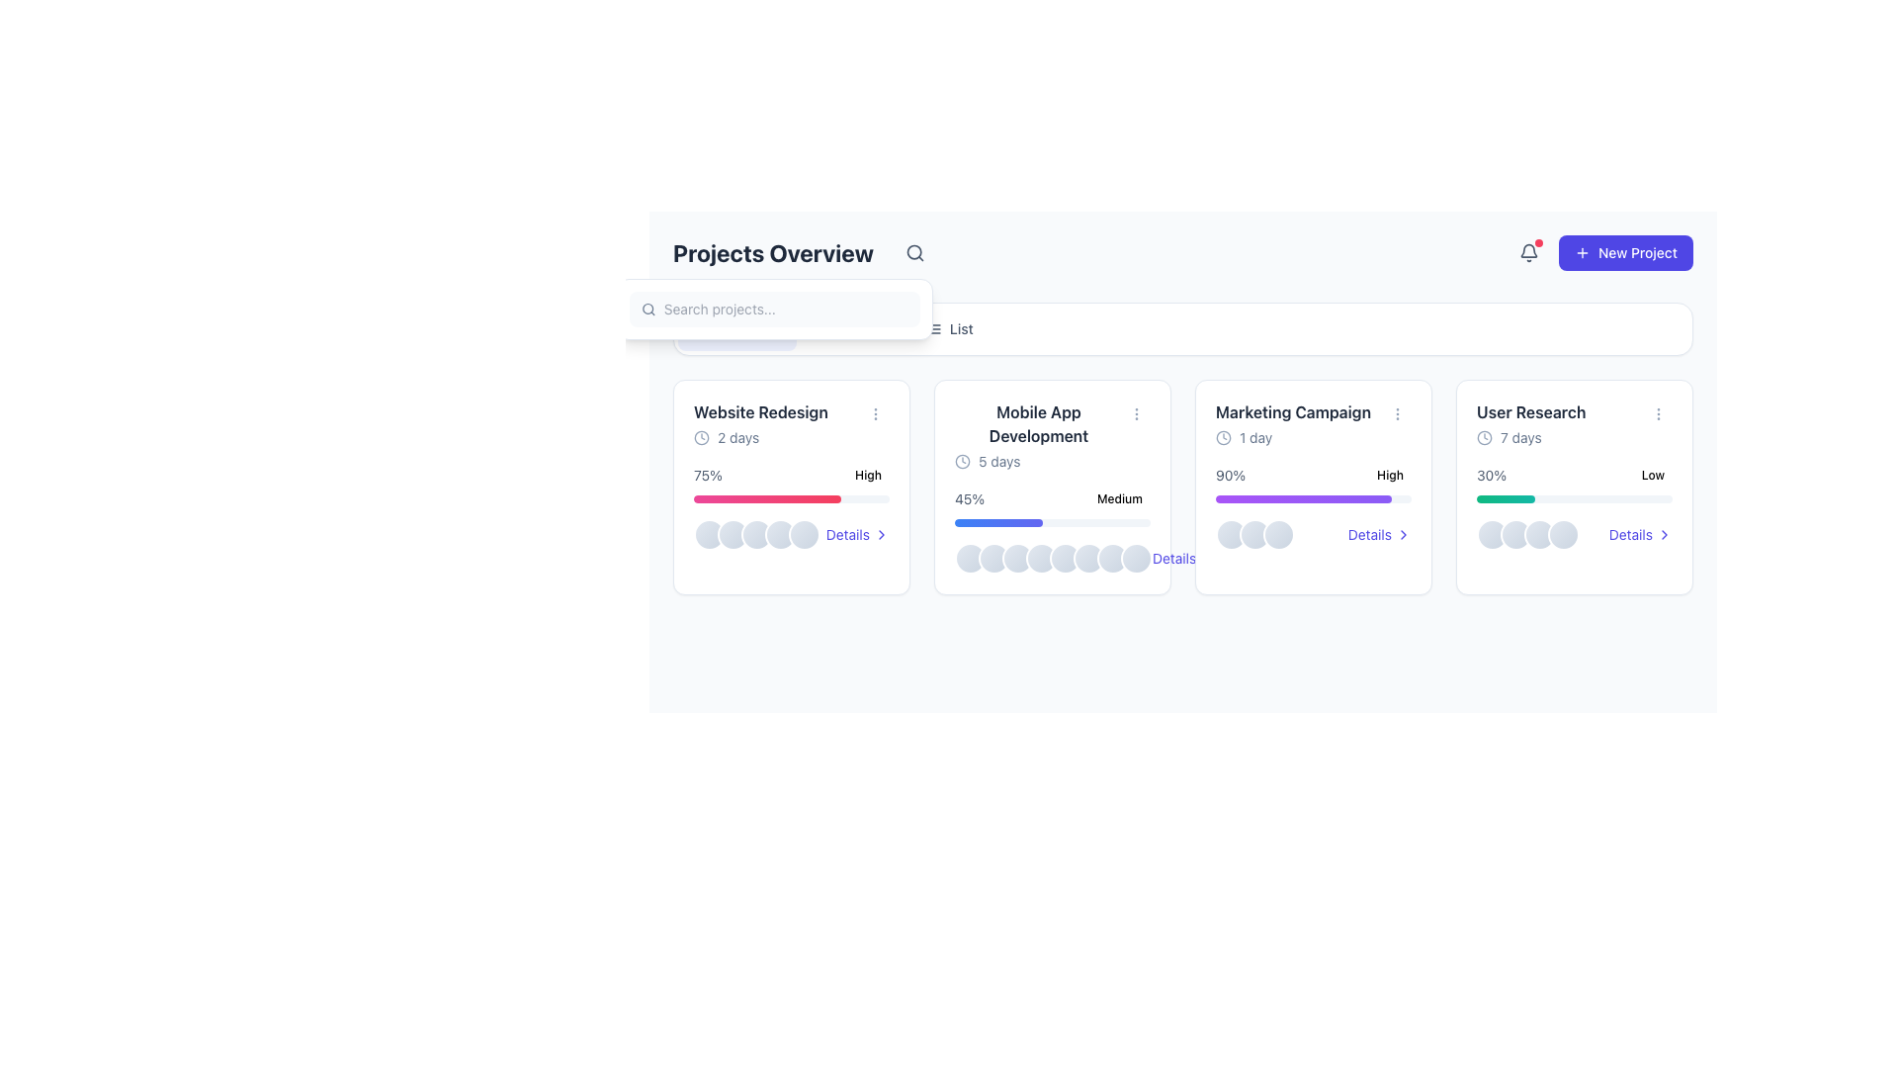 The image size is (1898, 1068). What do you see at coordinates (1052, 558) in the screenshot?
I see `the group of visual indicators styled as circular components located beneath the progress percentage bar in the 'Mobile App Development' section` at bounding box center [1052, 558].